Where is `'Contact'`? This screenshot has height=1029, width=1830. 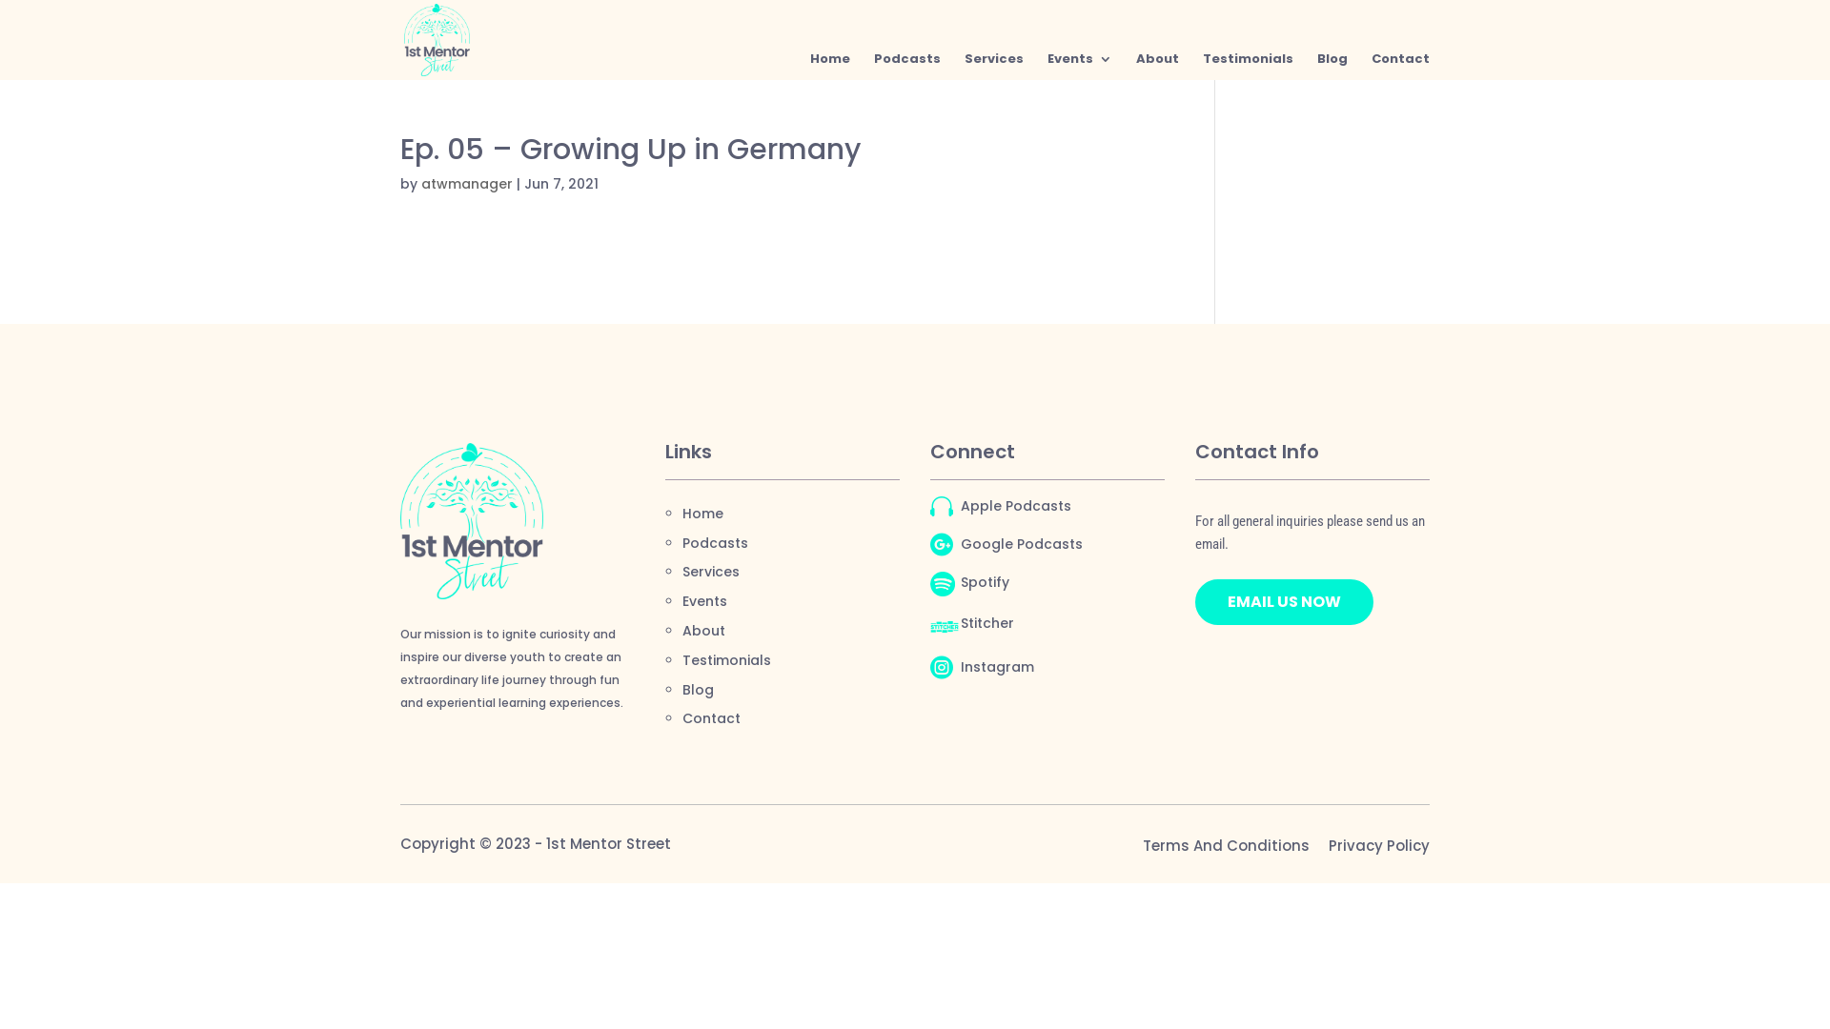
'Contact' is located at coordinates (710, 717).